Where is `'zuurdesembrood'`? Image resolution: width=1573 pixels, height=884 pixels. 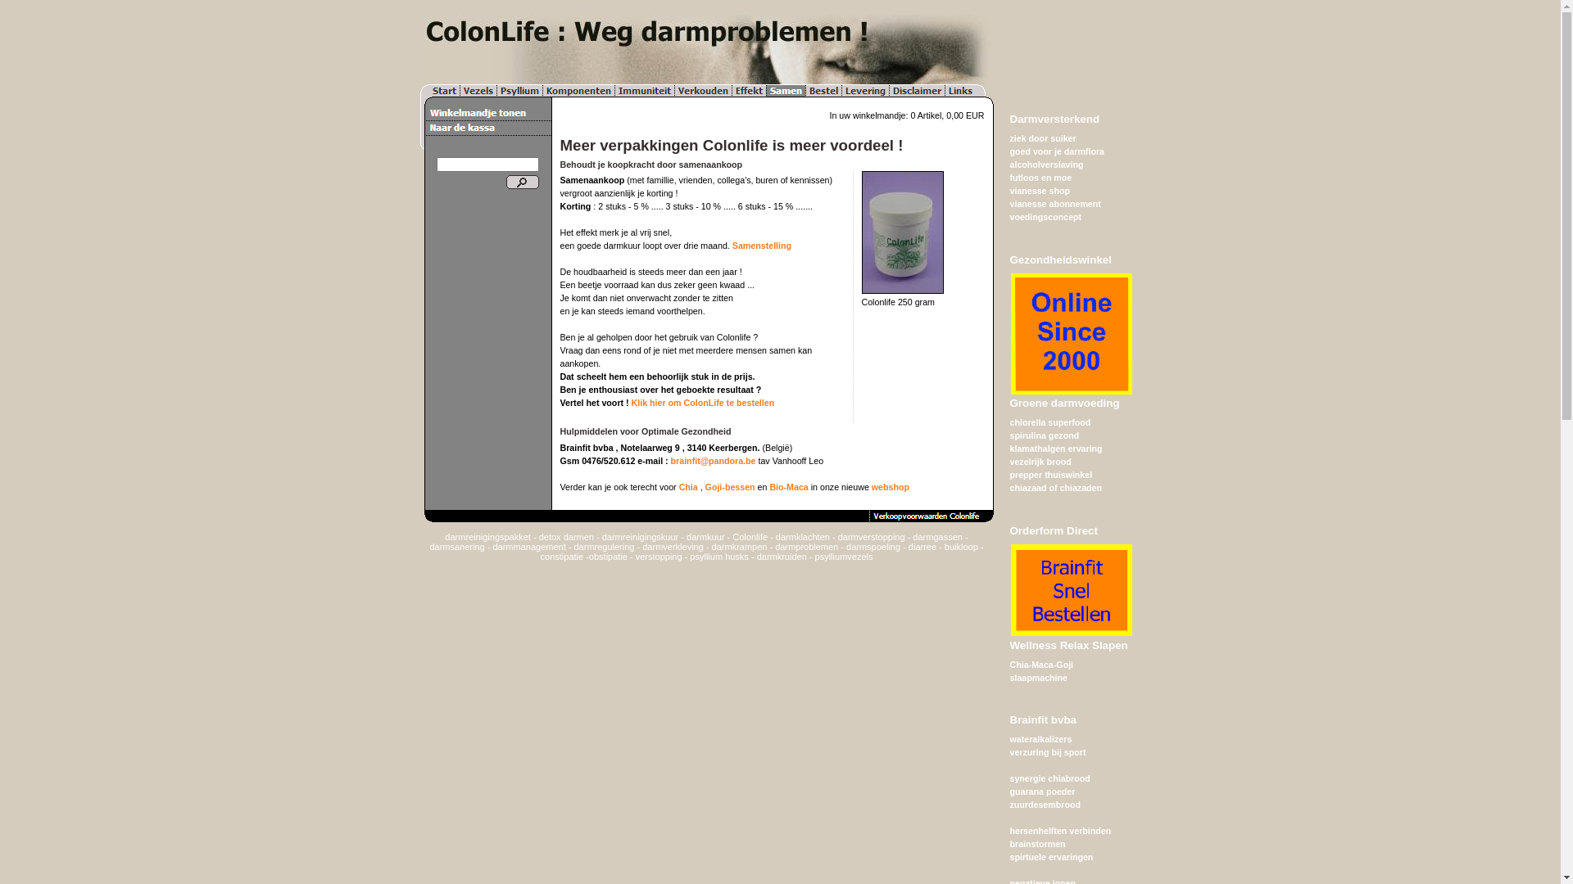
'zuurdesembrood' is located at coordinates (1009, 804).